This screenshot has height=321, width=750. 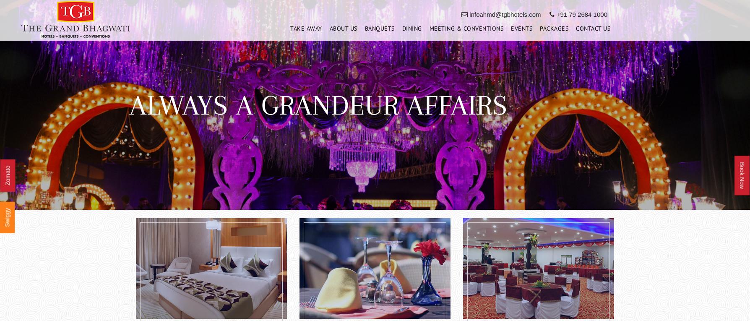 What do you see at coordinates (553, 30) in the screenshot?
I see `'Packages'` at bounding box center [553, 30].